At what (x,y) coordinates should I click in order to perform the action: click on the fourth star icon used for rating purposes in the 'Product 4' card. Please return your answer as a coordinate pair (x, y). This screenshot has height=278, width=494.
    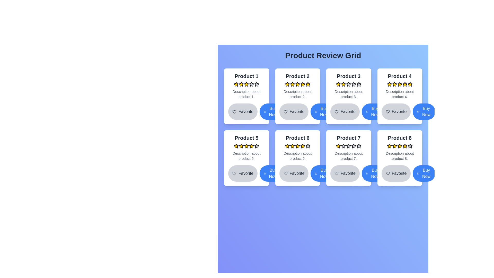
    Looking at the image, I should click on (399, 84).